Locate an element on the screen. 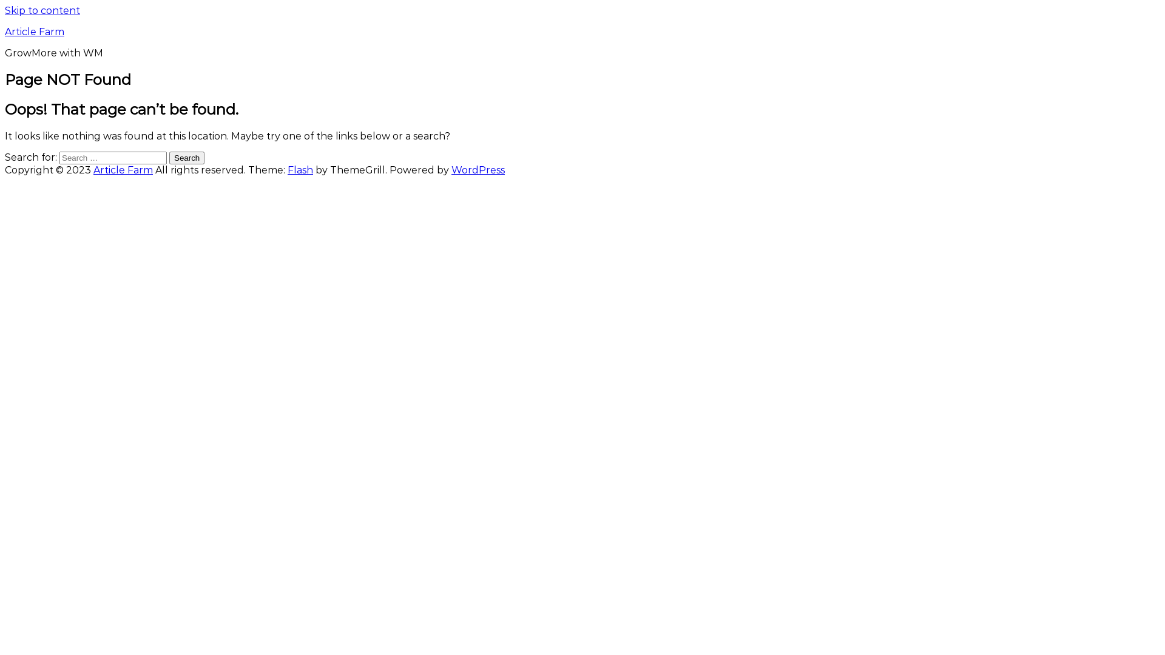 This screenshot has height=655, width=1165. 'WordPress' is located at coordinates (477, 170).